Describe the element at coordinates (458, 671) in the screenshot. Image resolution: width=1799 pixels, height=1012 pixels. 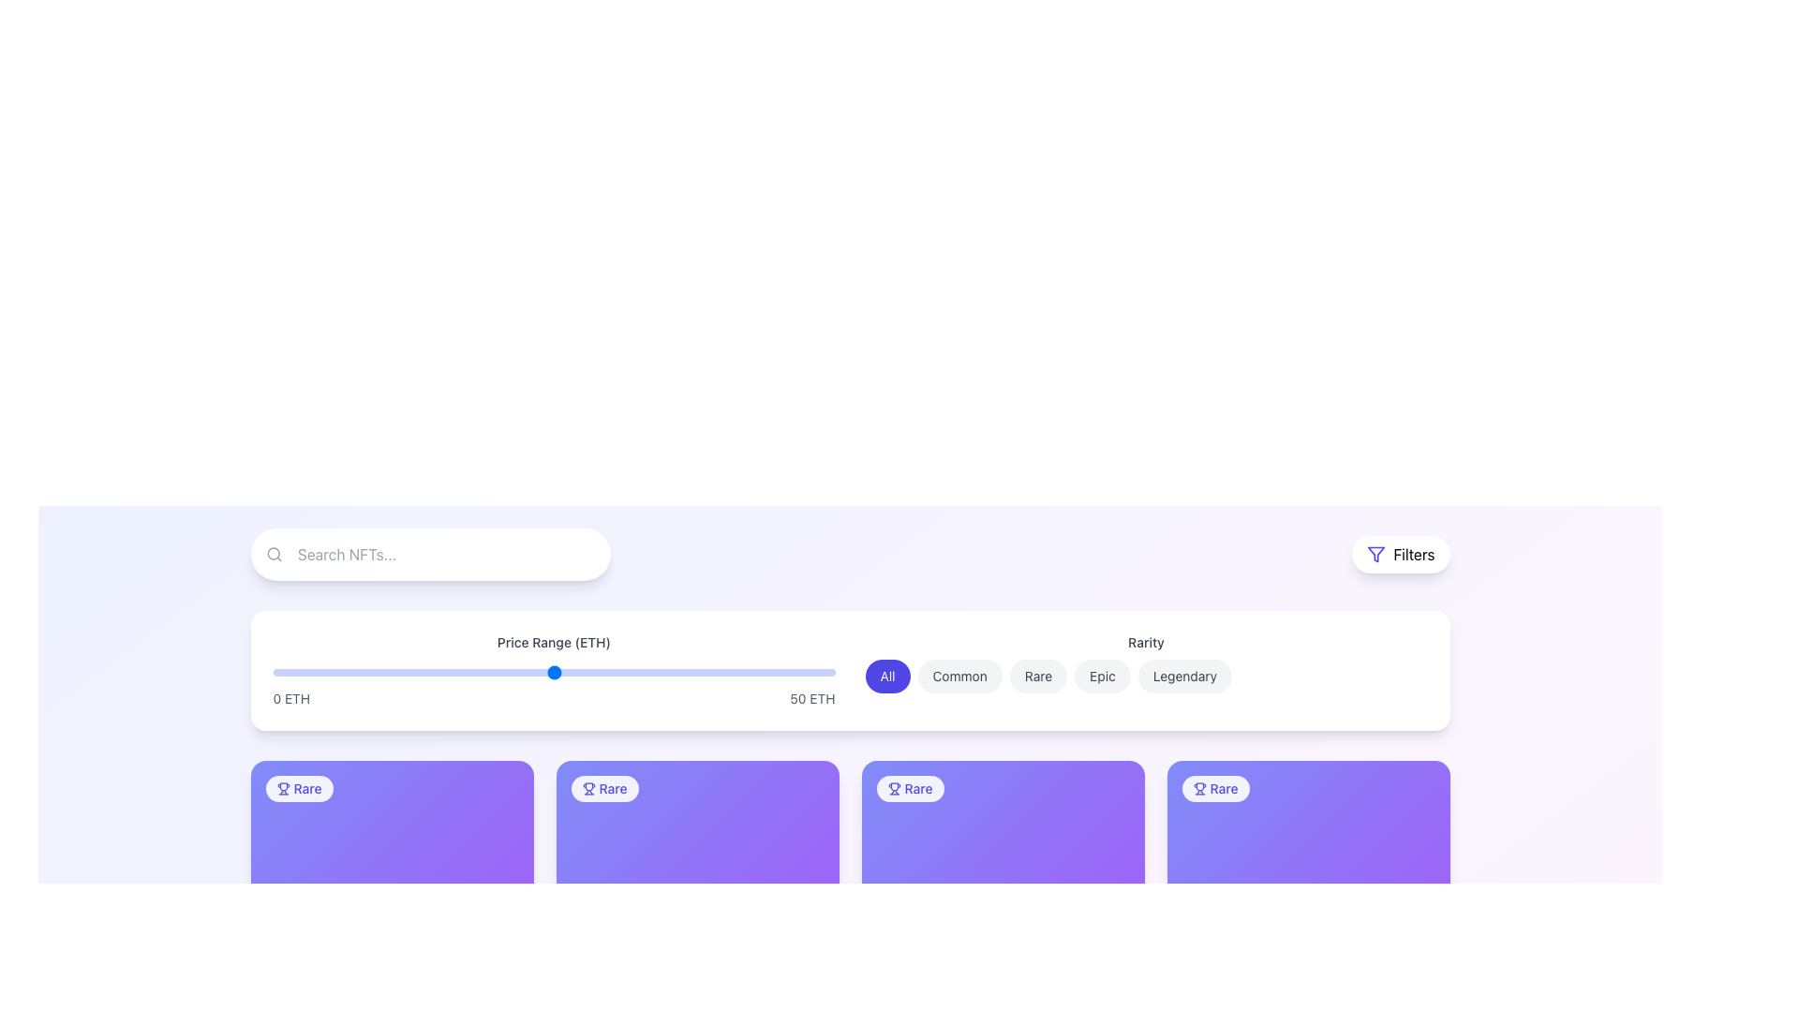
I see `the slider value` at that location.